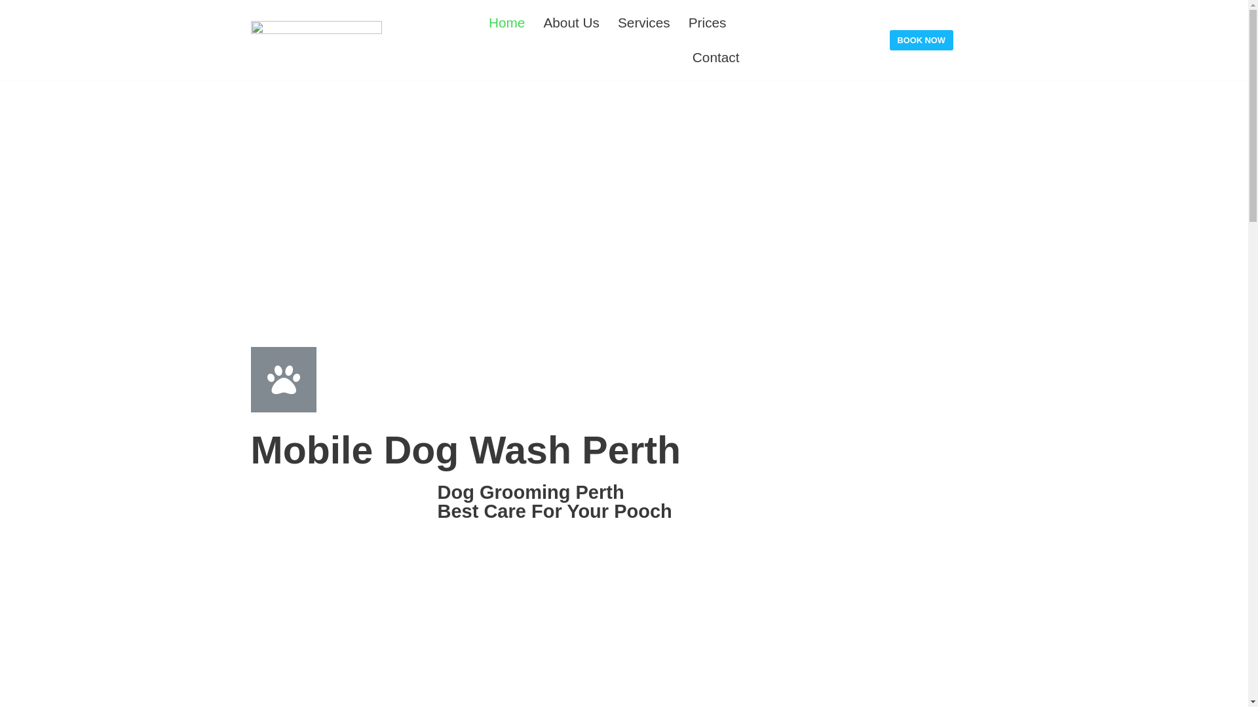 The width and height of the screenshot is (1258, 707). I want to click on 'Skip to content', so click(12, 7).